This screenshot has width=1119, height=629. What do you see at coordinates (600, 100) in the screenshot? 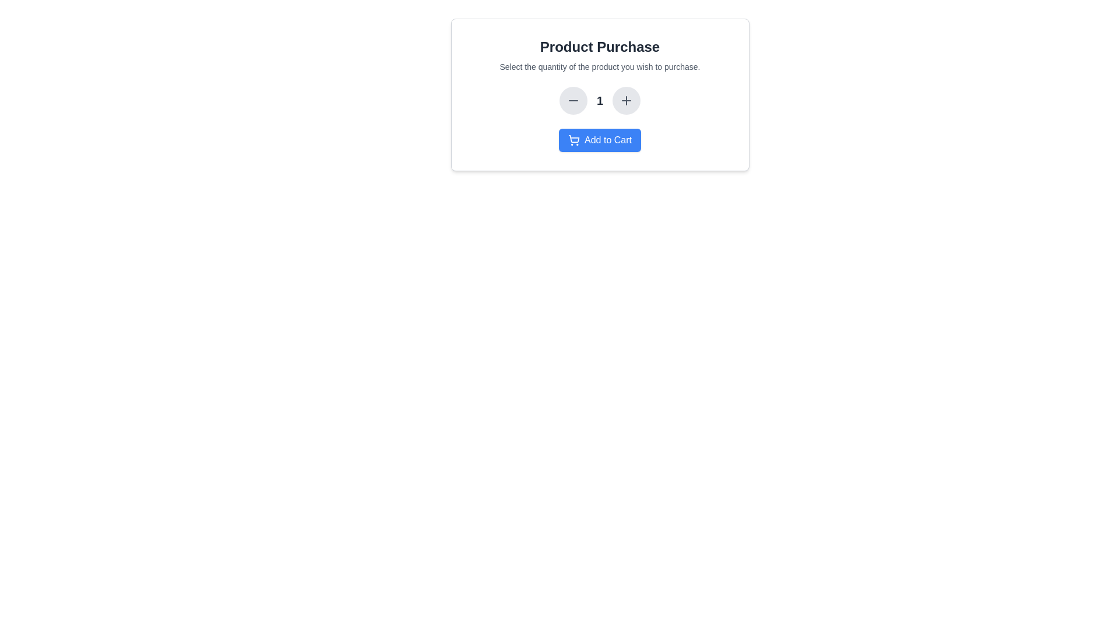
I see `the numeric text label displaying '1', which is bold and black, located between the minus and plus buttons in a horizontal layout` at bounding box center [600, 100].